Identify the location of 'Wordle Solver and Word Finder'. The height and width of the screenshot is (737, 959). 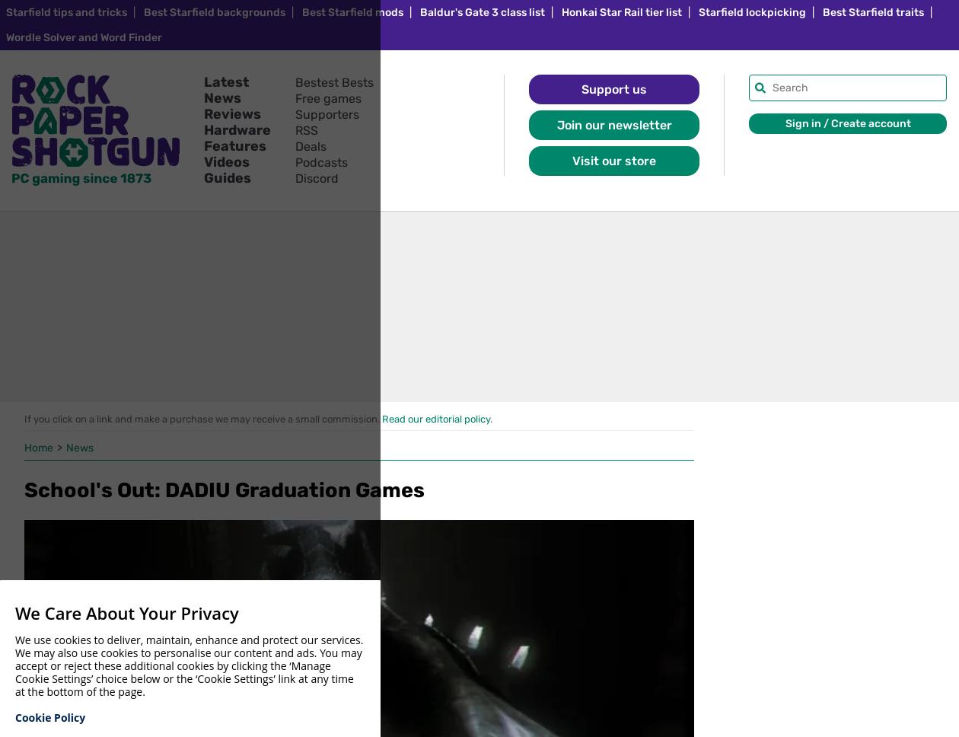
(5, 37).